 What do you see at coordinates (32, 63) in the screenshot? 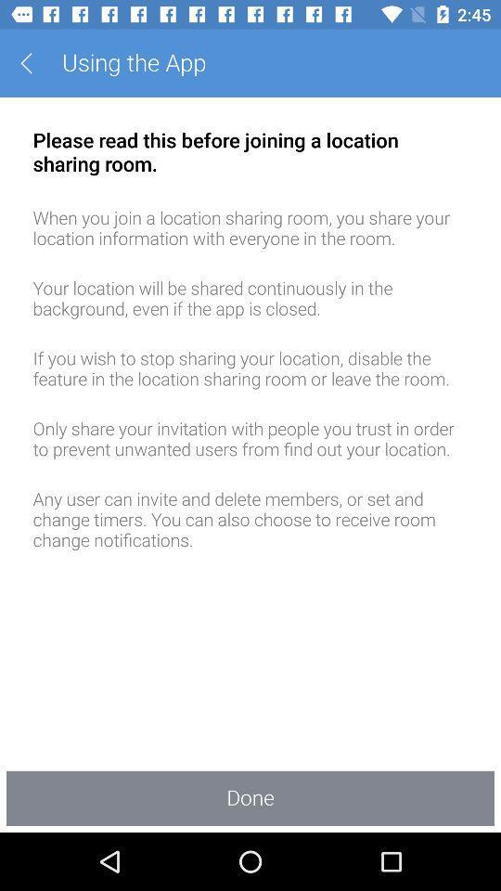
I see `the arrow_backward icon` at bounding box center [32, 63].